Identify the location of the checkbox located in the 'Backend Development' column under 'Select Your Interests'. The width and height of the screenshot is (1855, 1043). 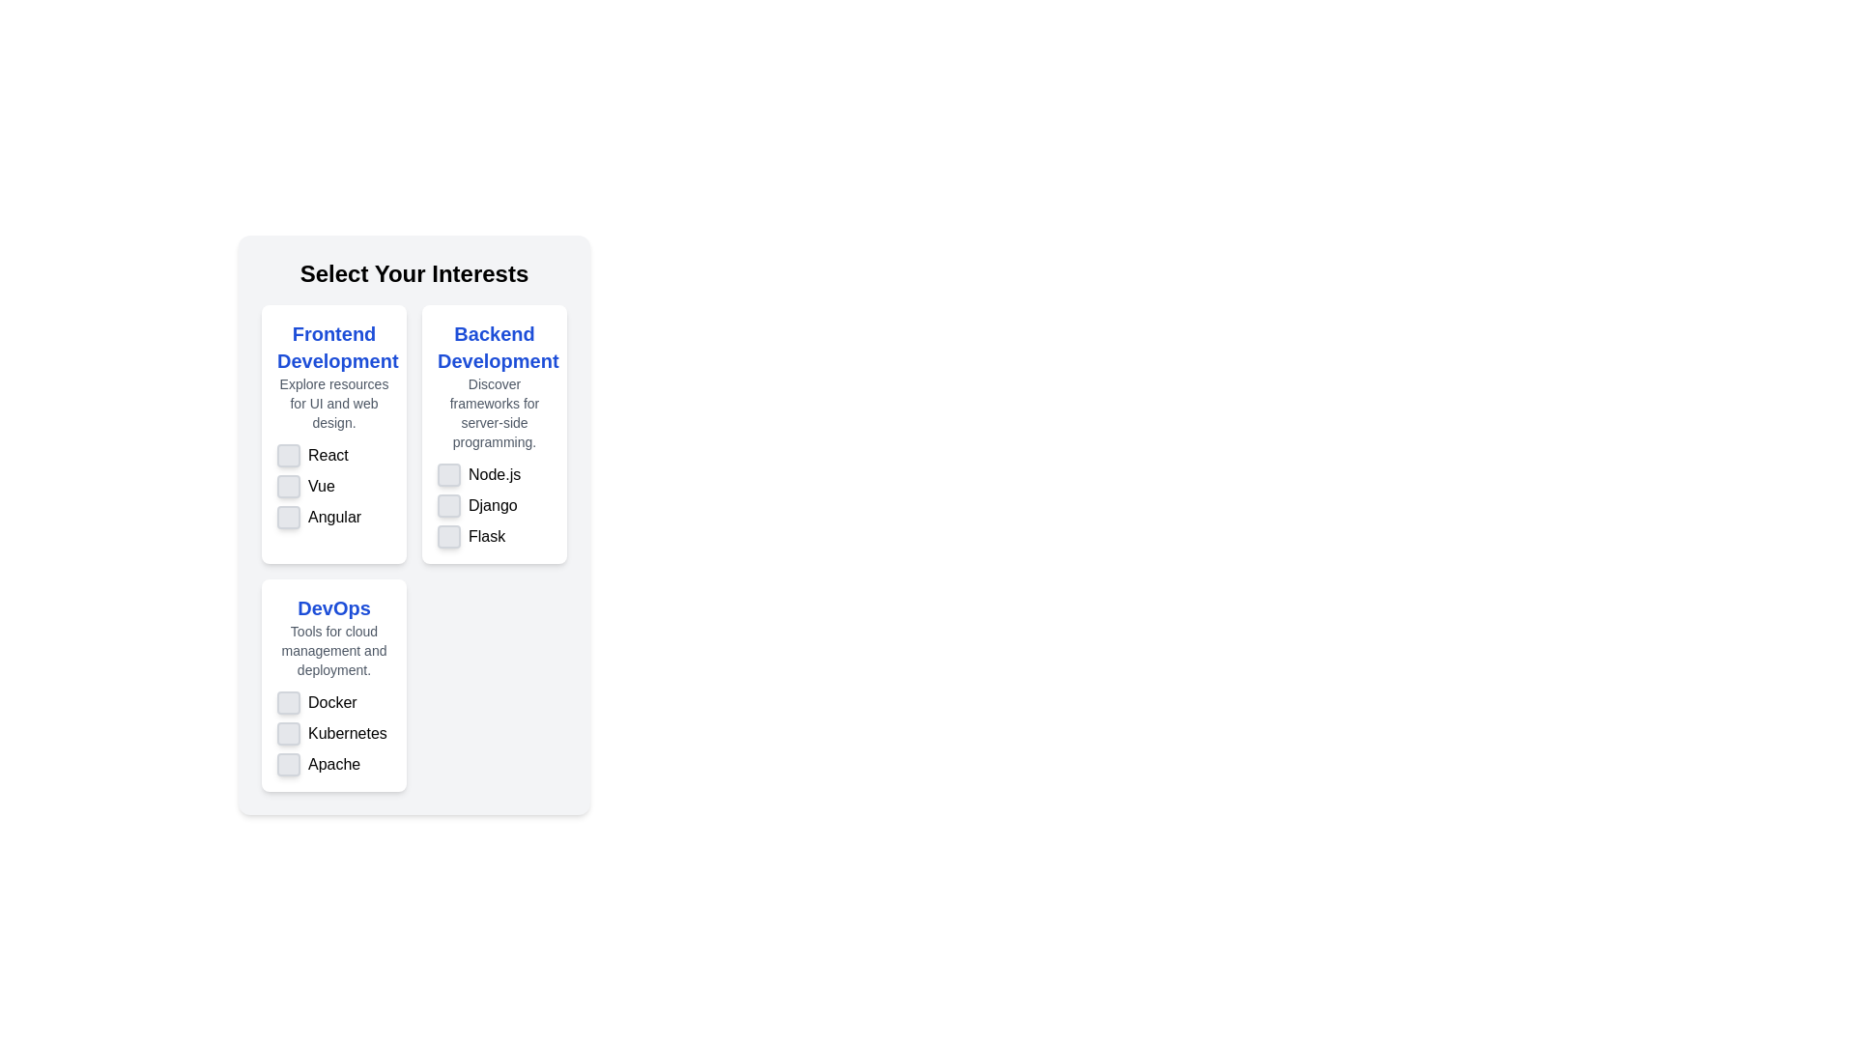
(448, 475).